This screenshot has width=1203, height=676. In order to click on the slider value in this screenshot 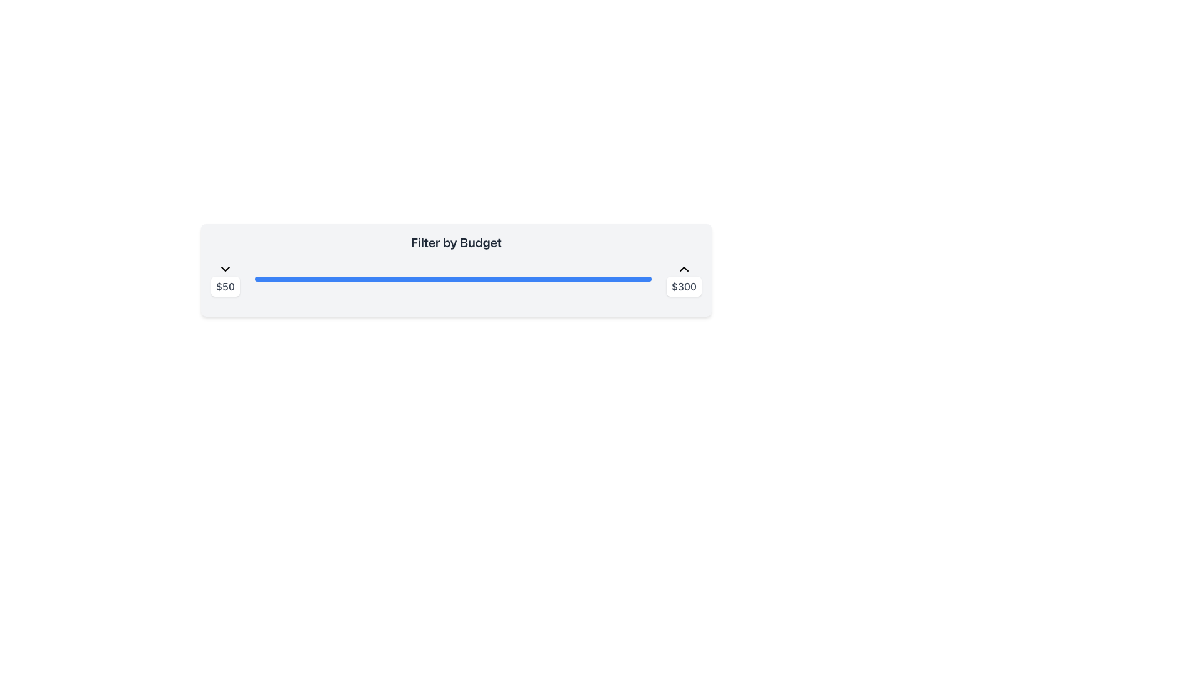, I will do `click(618, 279)`.